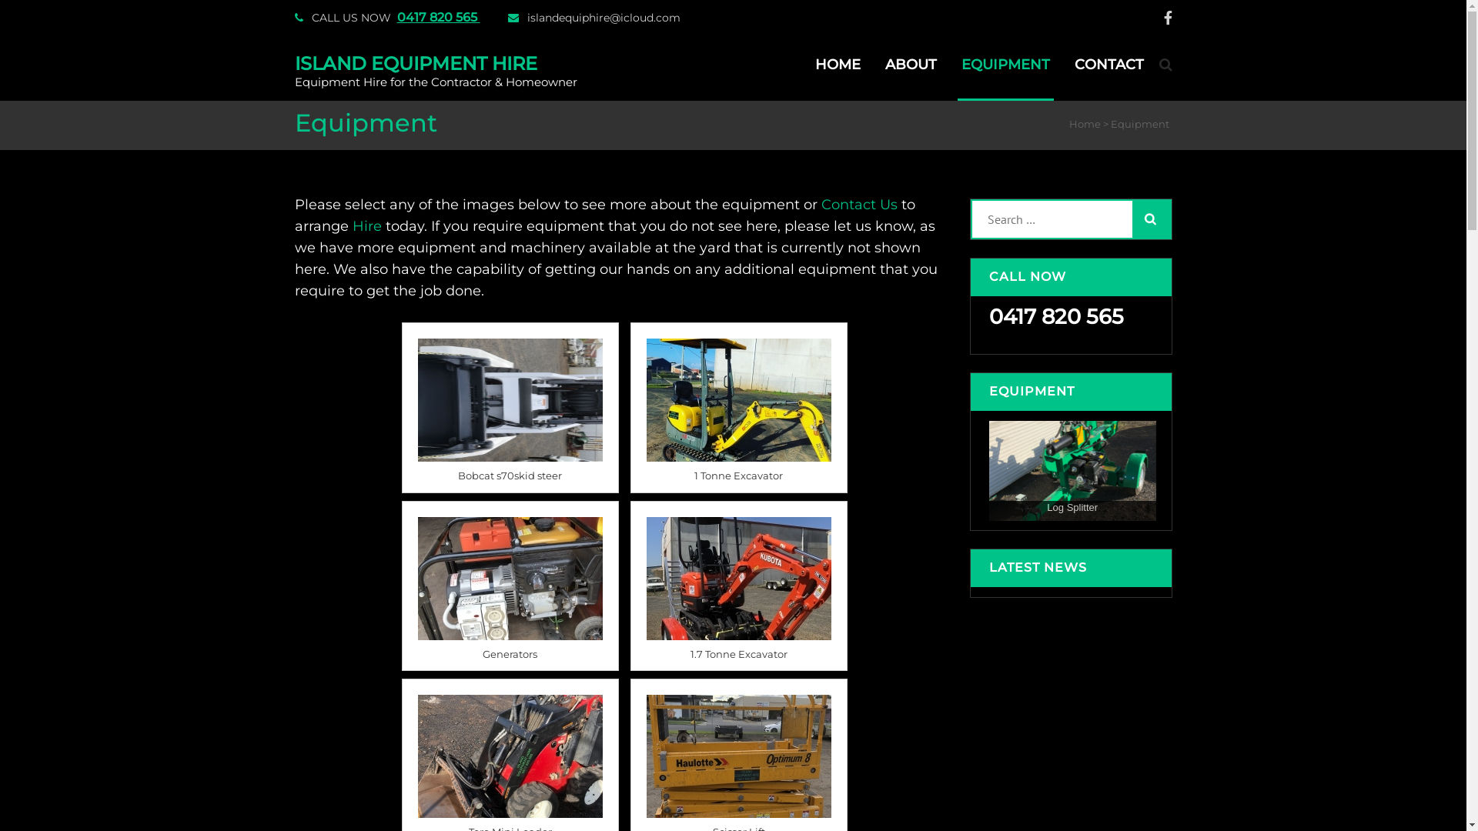 The height and width of the screenshot is (831, 1478). Describe the element at coordinates (1168, 18) in the screenshot. I see `'facebook'` at that location.